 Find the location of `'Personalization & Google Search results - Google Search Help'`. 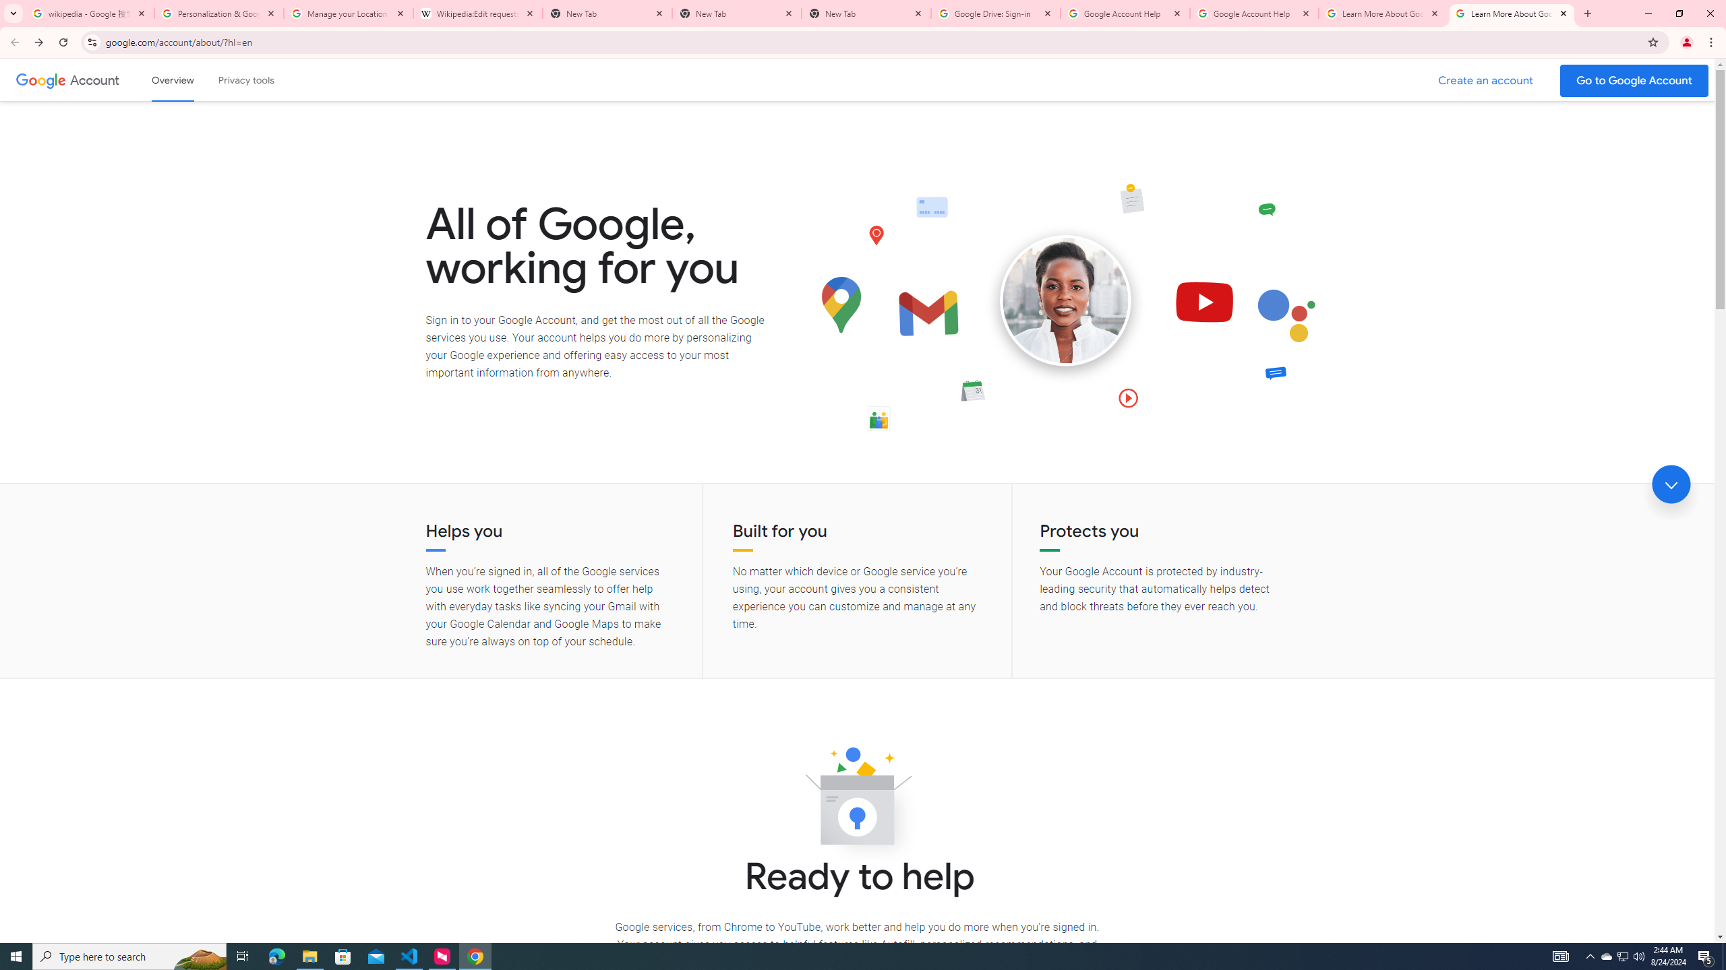

'Personalization & Google Search results - Google Search Help' is located at coordinates (219, 13).